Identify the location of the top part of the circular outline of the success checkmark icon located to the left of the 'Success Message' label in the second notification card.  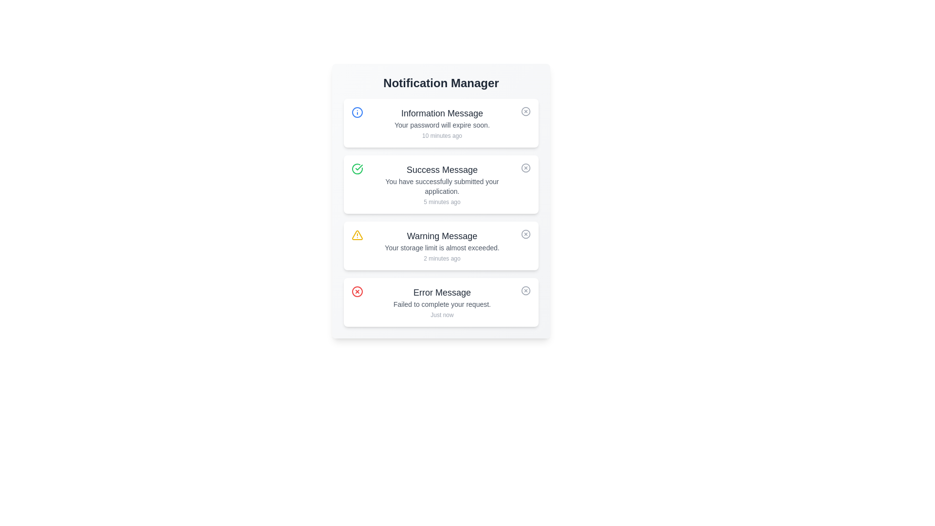
(357, 169).